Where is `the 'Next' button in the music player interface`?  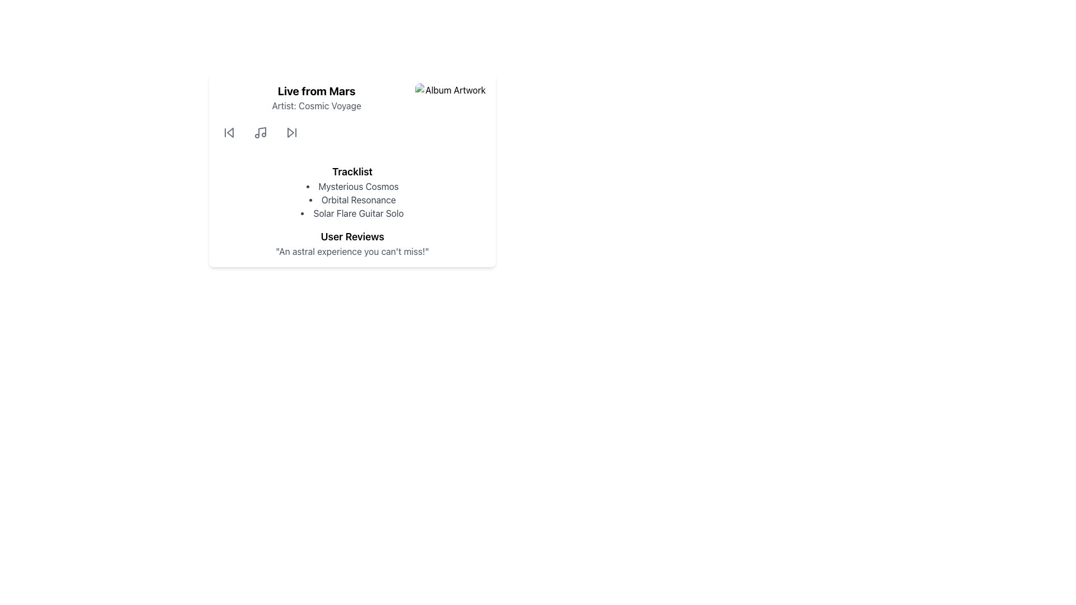
the 'Next' button in the music player interface is located at coordinates (292, 132).